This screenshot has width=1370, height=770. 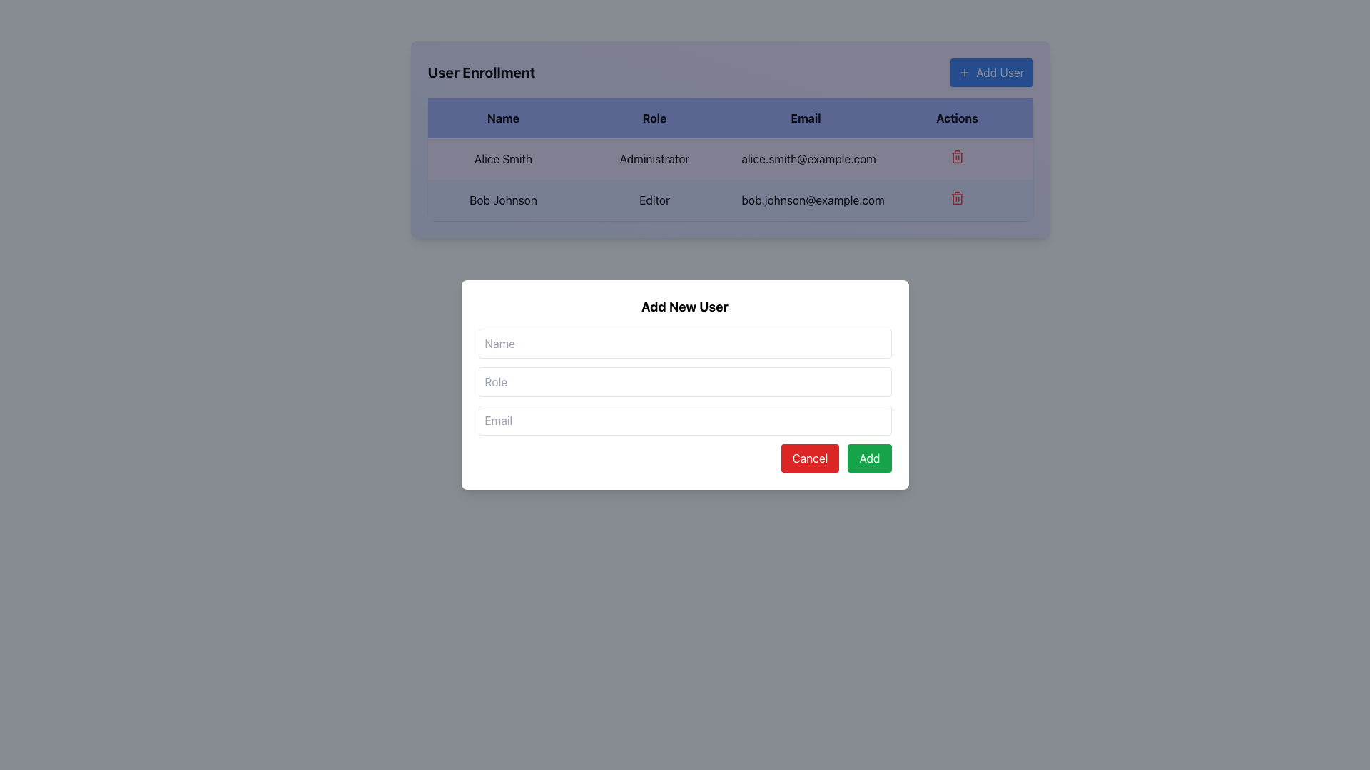 I want to click on the 'Name' text label, which is a bold black font element located in the top-left cell of the header row in the 'User Enrollment' section, so click(x=503, y=117).